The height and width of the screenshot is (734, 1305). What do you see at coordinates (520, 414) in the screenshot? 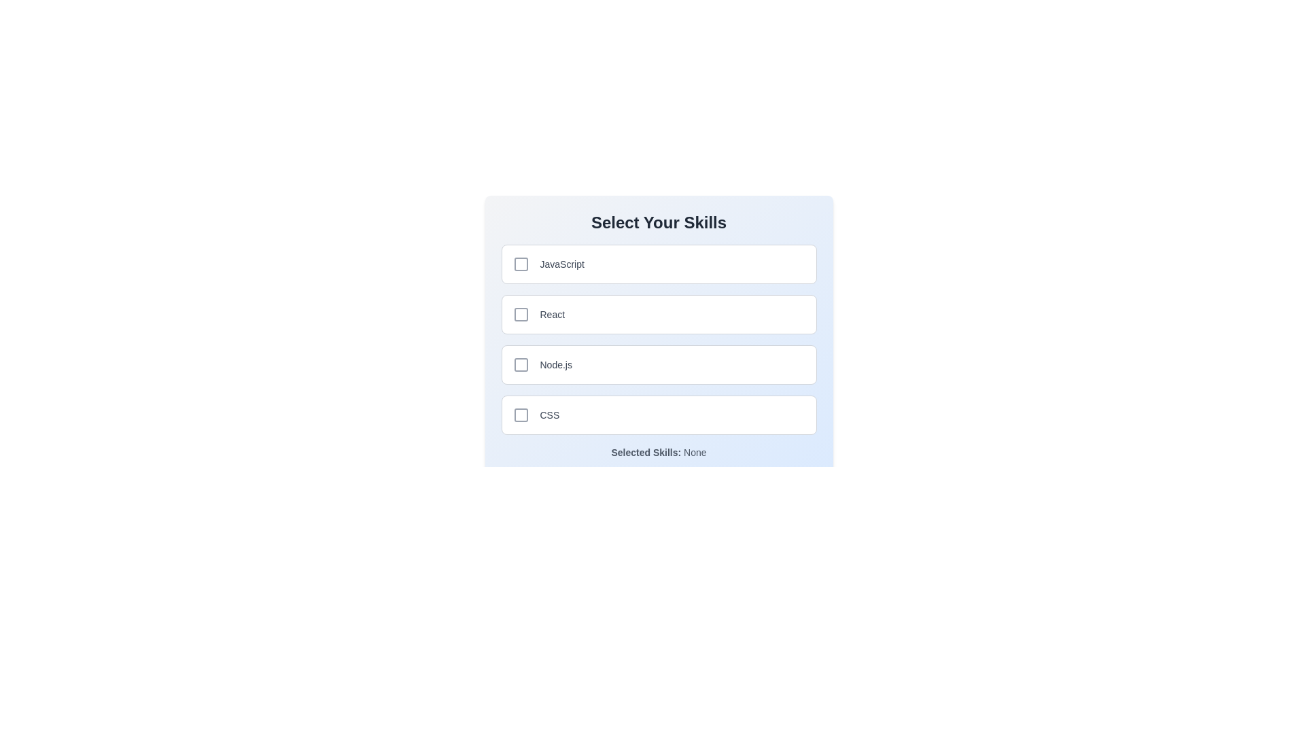
I see `the checkbox for selecting the 'CSS' option in the skill selection interface` at bounding box center [520, 414].